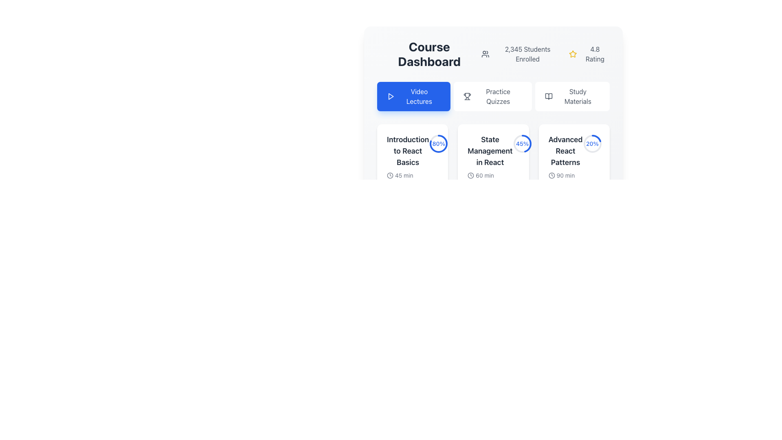 This screenshot has width=782, height=440. I want to click on the circular graphic element representing a clock face, which is styled with a 2-pixel stroke width and no fill, located near the top-right of the layout, so click(471, 175).